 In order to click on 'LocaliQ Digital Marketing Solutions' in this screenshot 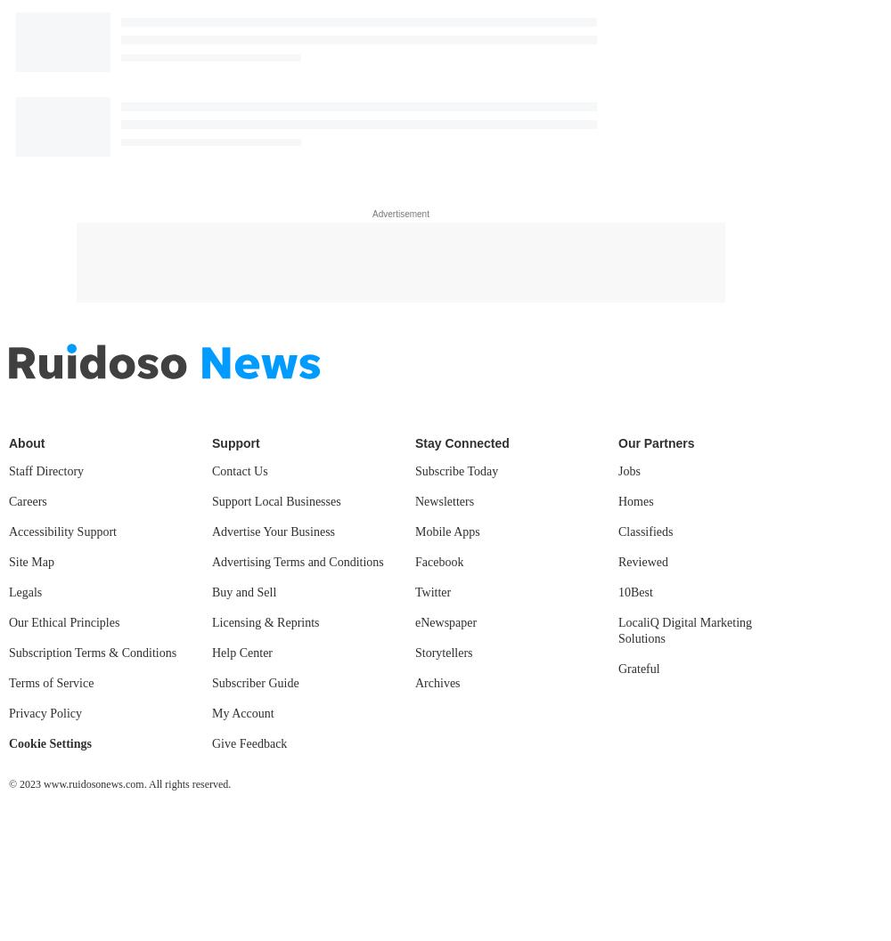, I will do `click(685, 629)`.